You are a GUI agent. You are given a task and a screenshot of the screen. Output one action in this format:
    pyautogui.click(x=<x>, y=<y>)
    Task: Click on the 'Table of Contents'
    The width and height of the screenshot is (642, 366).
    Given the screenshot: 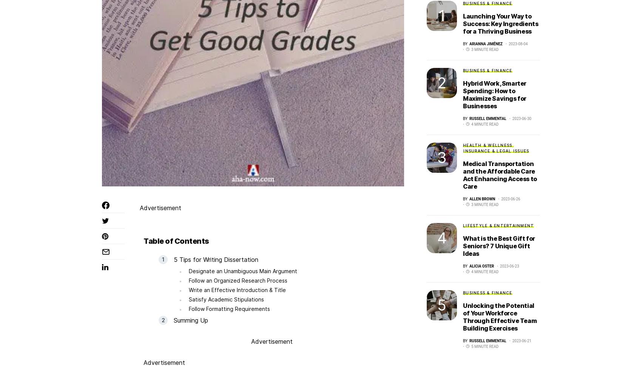 What is the action you would take?
    pyautogui.click(x=176, y=241)
    